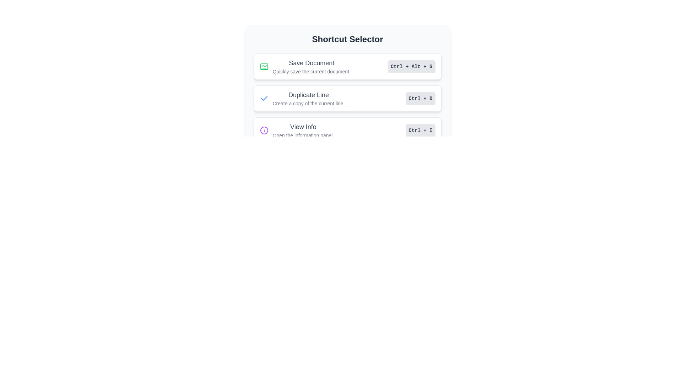  I want to click on the 'Duplicate Line' text label, so click(302, 98).